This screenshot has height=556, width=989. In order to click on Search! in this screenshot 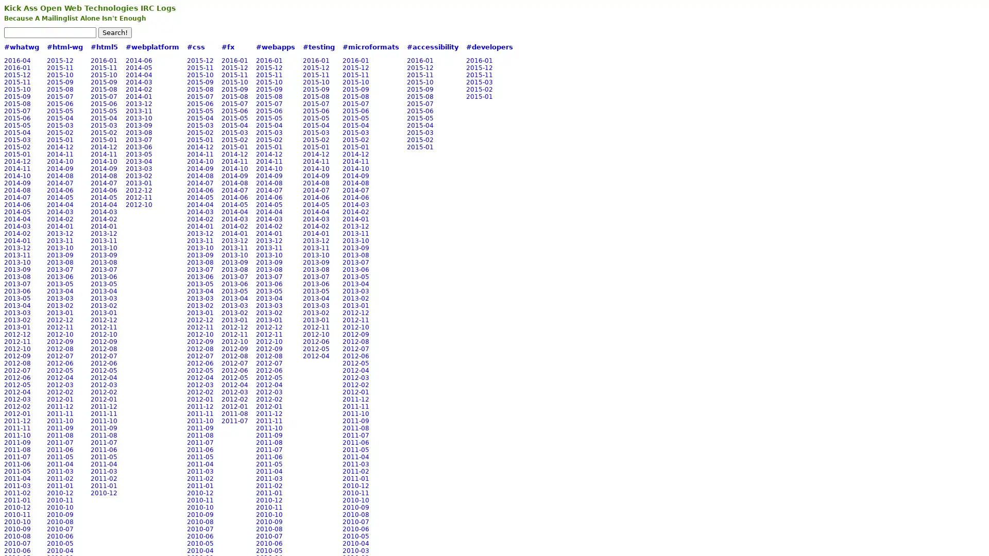, I will do `click(115, 32)`.